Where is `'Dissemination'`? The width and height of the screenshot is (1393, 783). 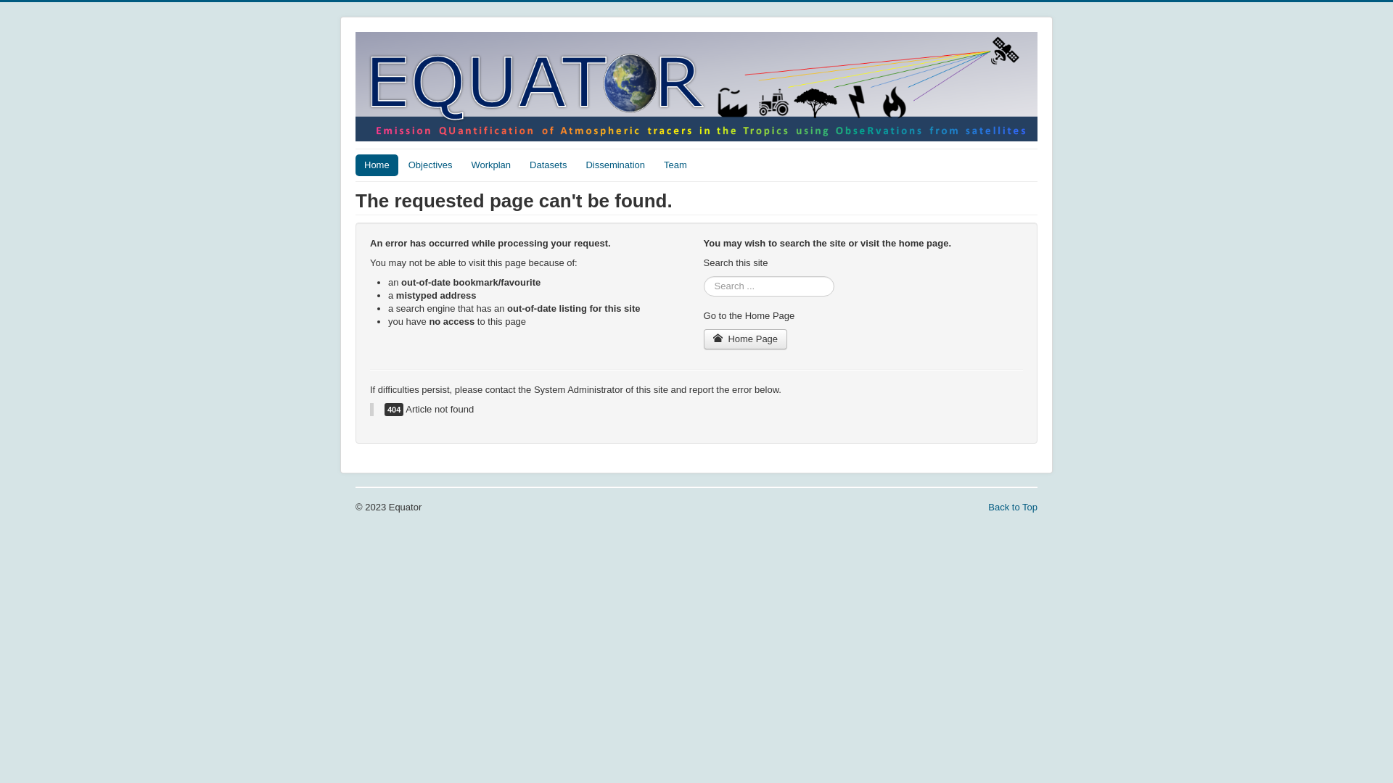 'Dissemination' is located at coordinates (615, 164).